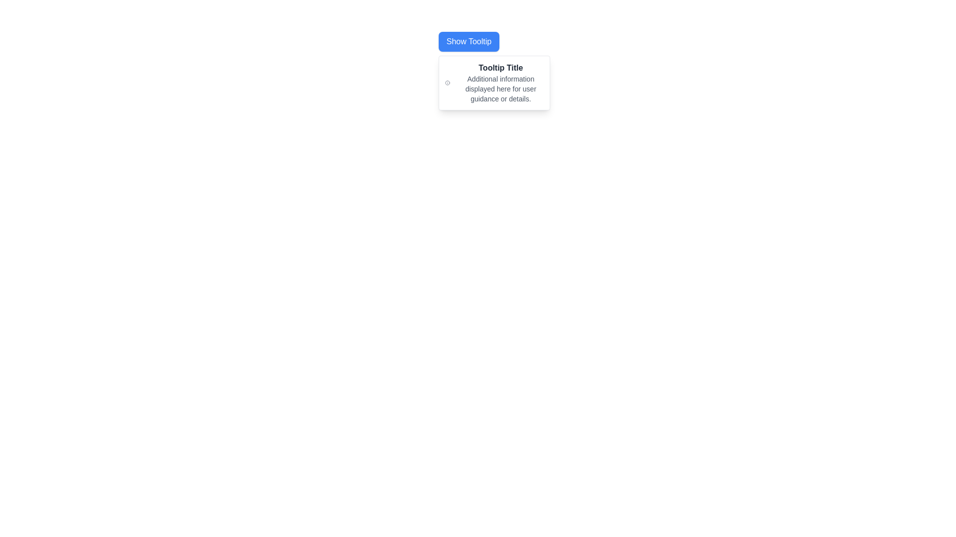 This screenshot has height=537, width=956. Describe the element at coordinates (494, 82) in the screenshot. I see `tooltip content displayed below the 'Show Tooltip' button, which contains a title and supplementary information` at that location.